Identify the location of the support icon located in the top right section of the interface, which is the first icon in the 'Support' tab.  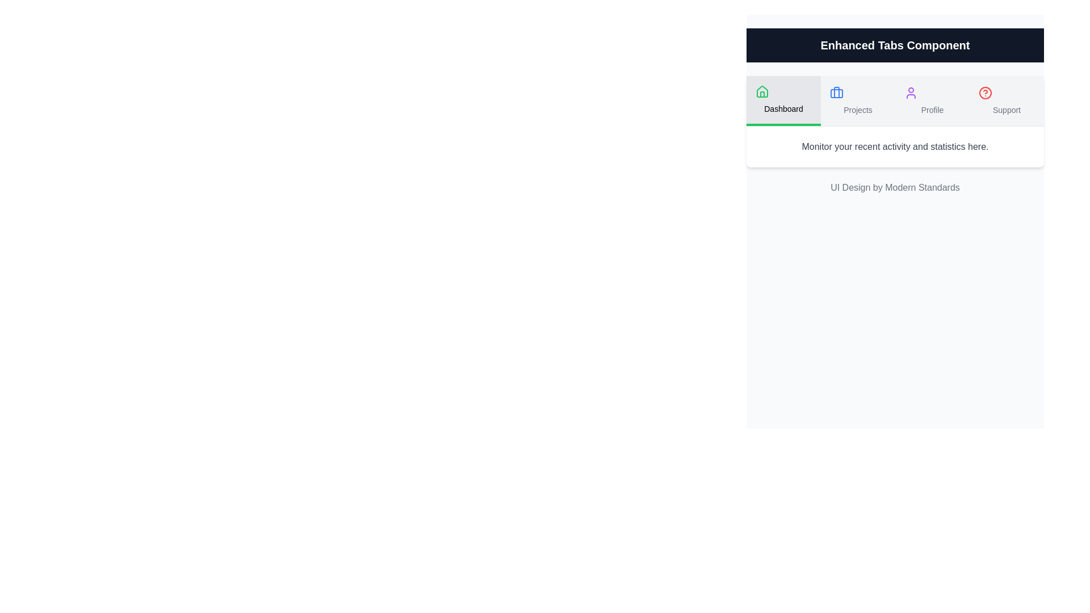
(985, 93).